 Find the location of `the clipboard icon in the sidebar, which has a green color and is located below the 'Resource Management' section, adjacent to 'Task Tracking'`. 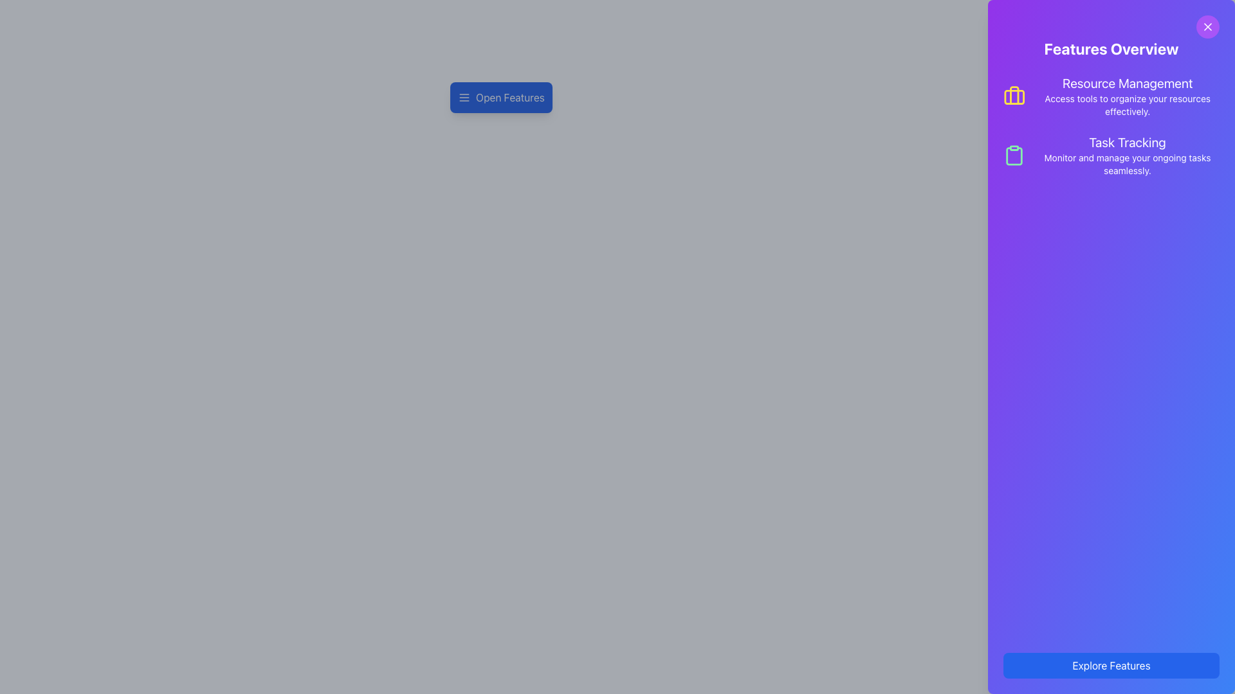

the clipboard icon in the sidebar, which has a green color and is located below the 'Resource Management' section, adjacent to 'Task Tracking' is located at coordinates (1013, 155).